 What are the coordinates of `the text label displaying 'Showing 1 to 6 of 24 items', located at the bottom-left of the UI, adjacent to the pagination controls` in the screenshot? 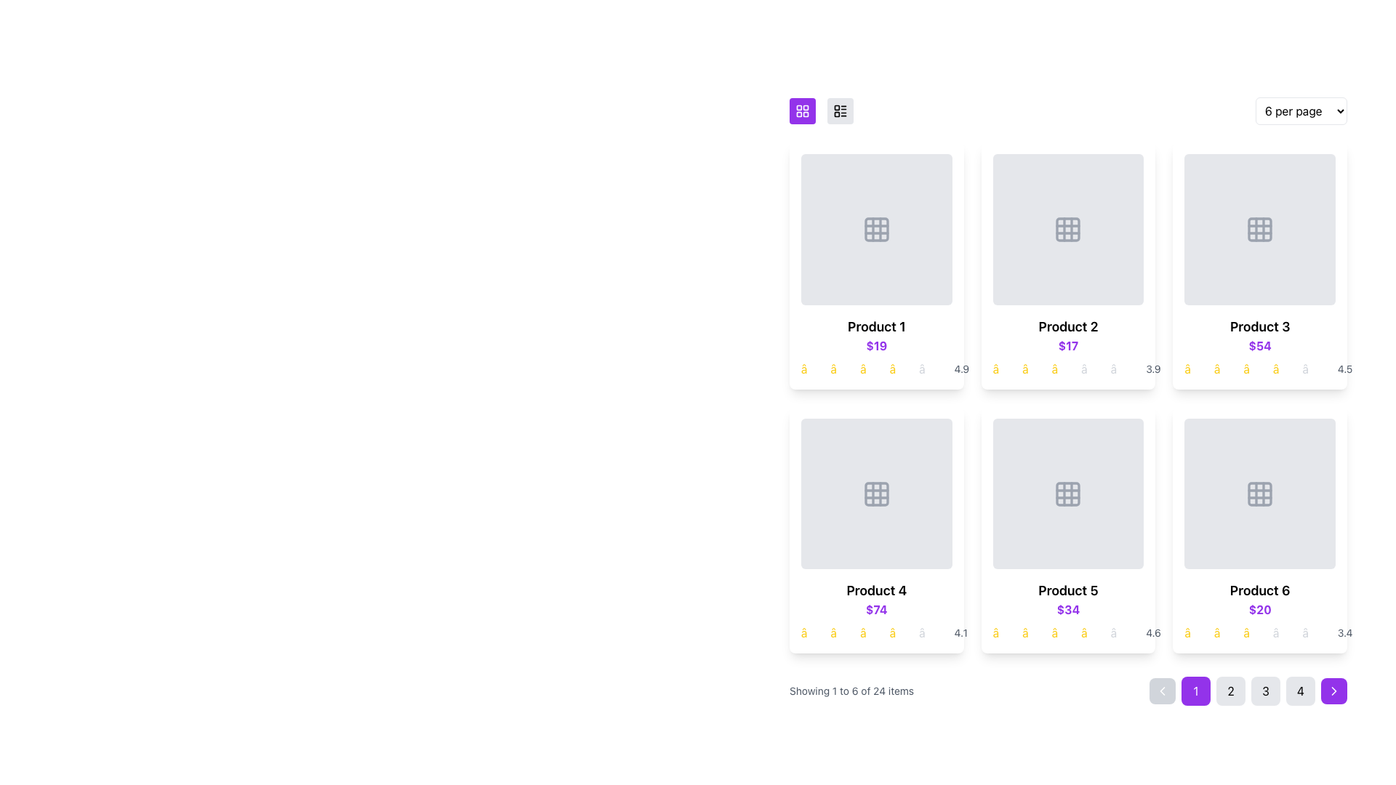 It's located at (851, 691).